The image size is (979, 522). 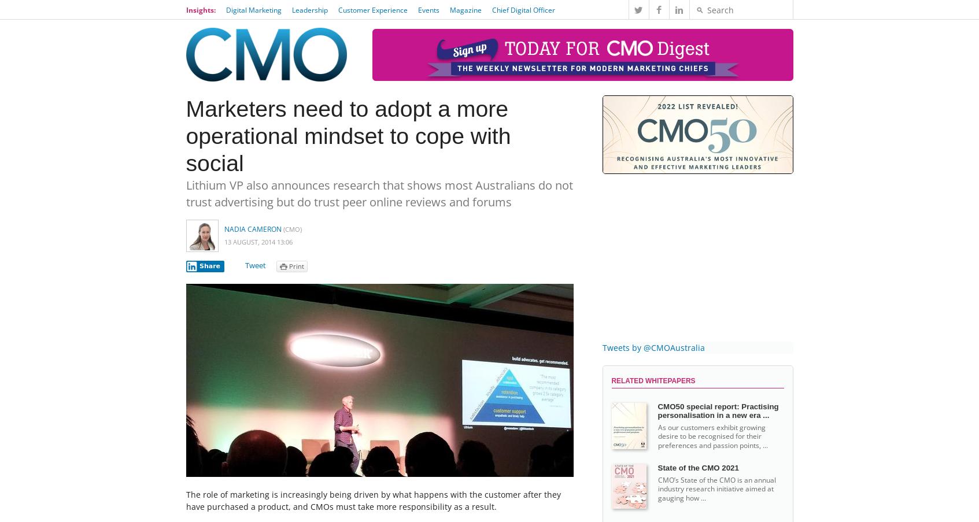 What do you see at coordinates (255, 265) in the screenshot?
I see `'Tweet'` at bounding box center [255, 265].